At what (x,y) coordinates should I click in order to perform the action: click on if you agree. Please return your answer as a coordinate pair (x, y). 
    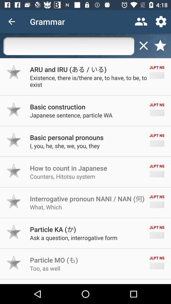
    Looking at the image, I should click on (14, 263).